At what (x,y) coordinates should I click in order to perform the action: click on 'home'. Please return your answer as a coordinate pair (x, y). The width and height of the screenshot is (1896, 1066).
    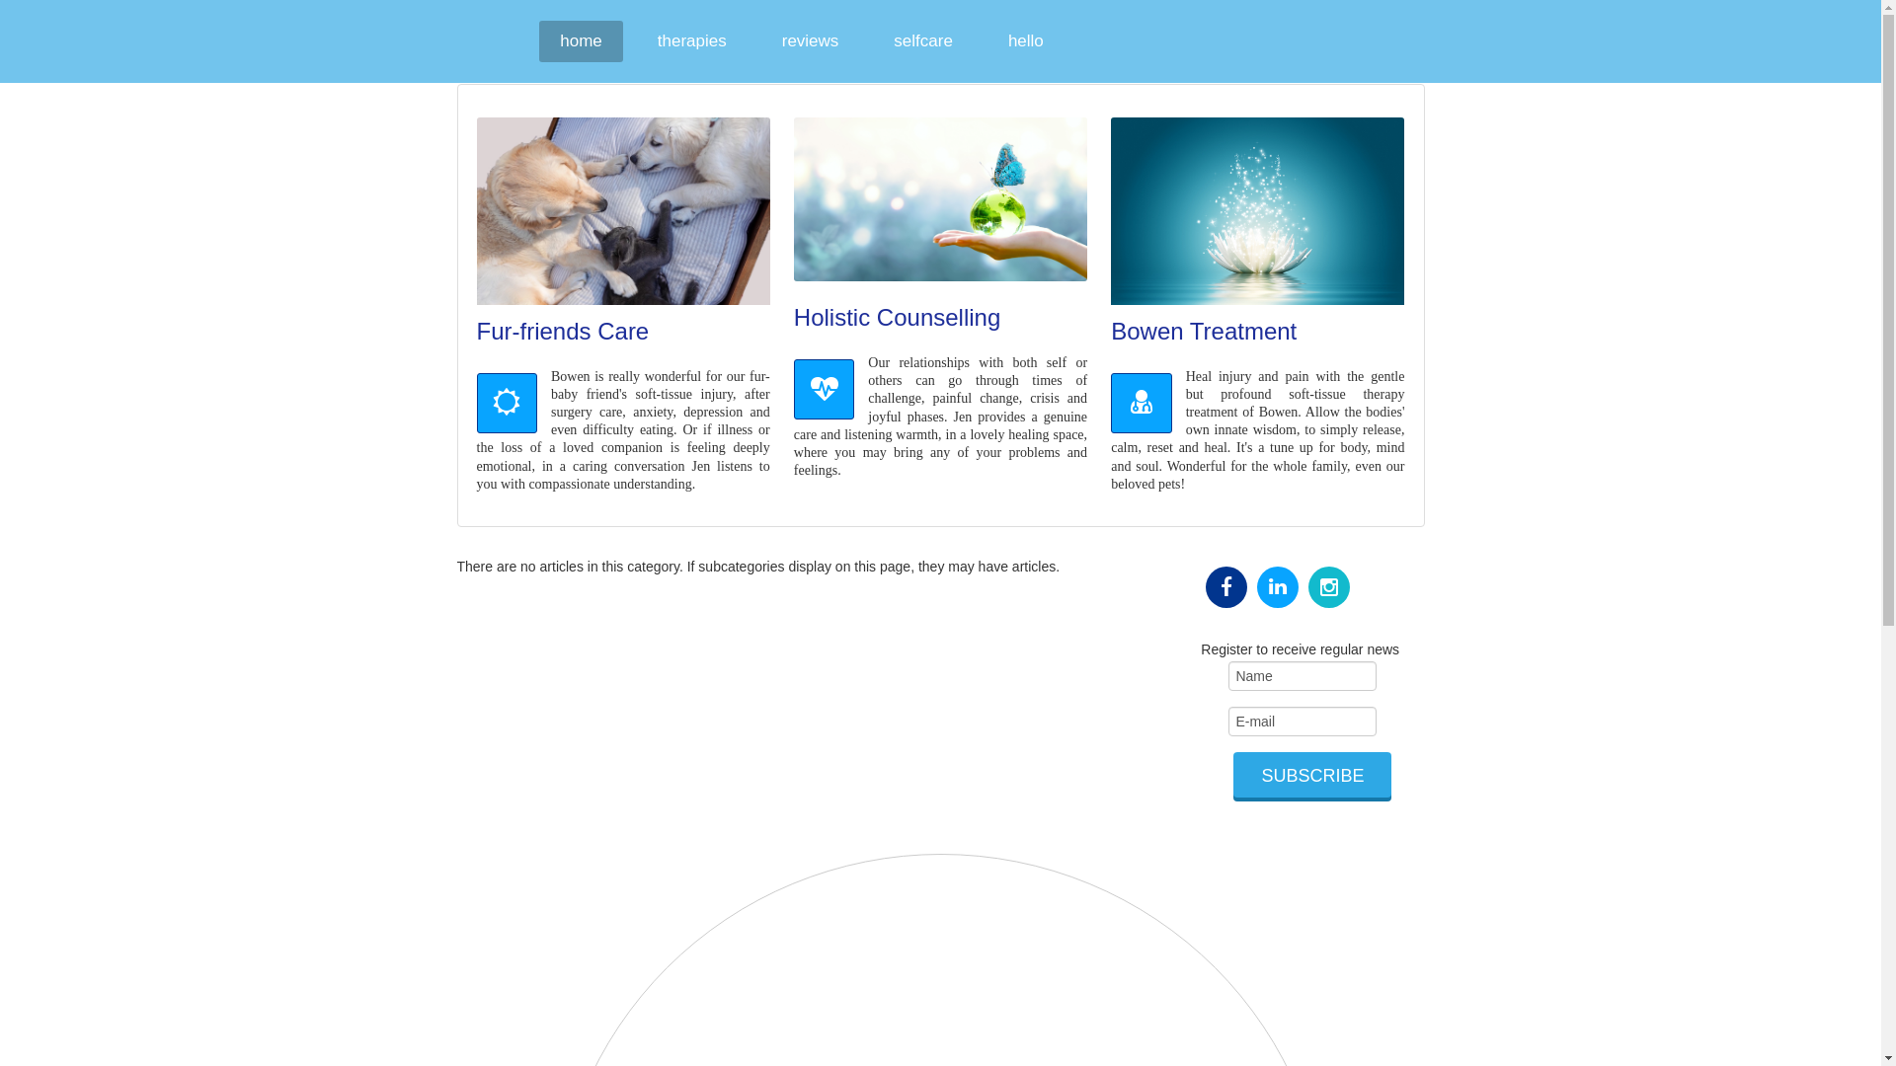
    Looking at the image, I should click on (580, 41).